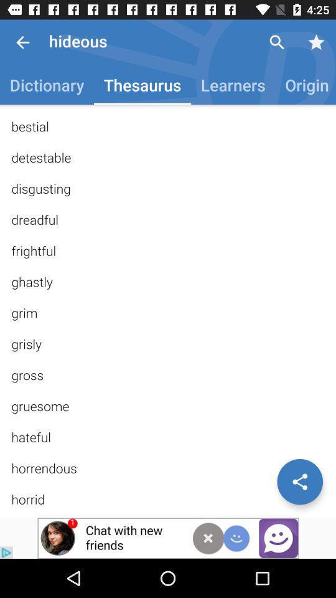 This screenshot has height=598, width=336. Describe the element at coordinates (299, 481) in the screenshot. I see `share the article` at that location.